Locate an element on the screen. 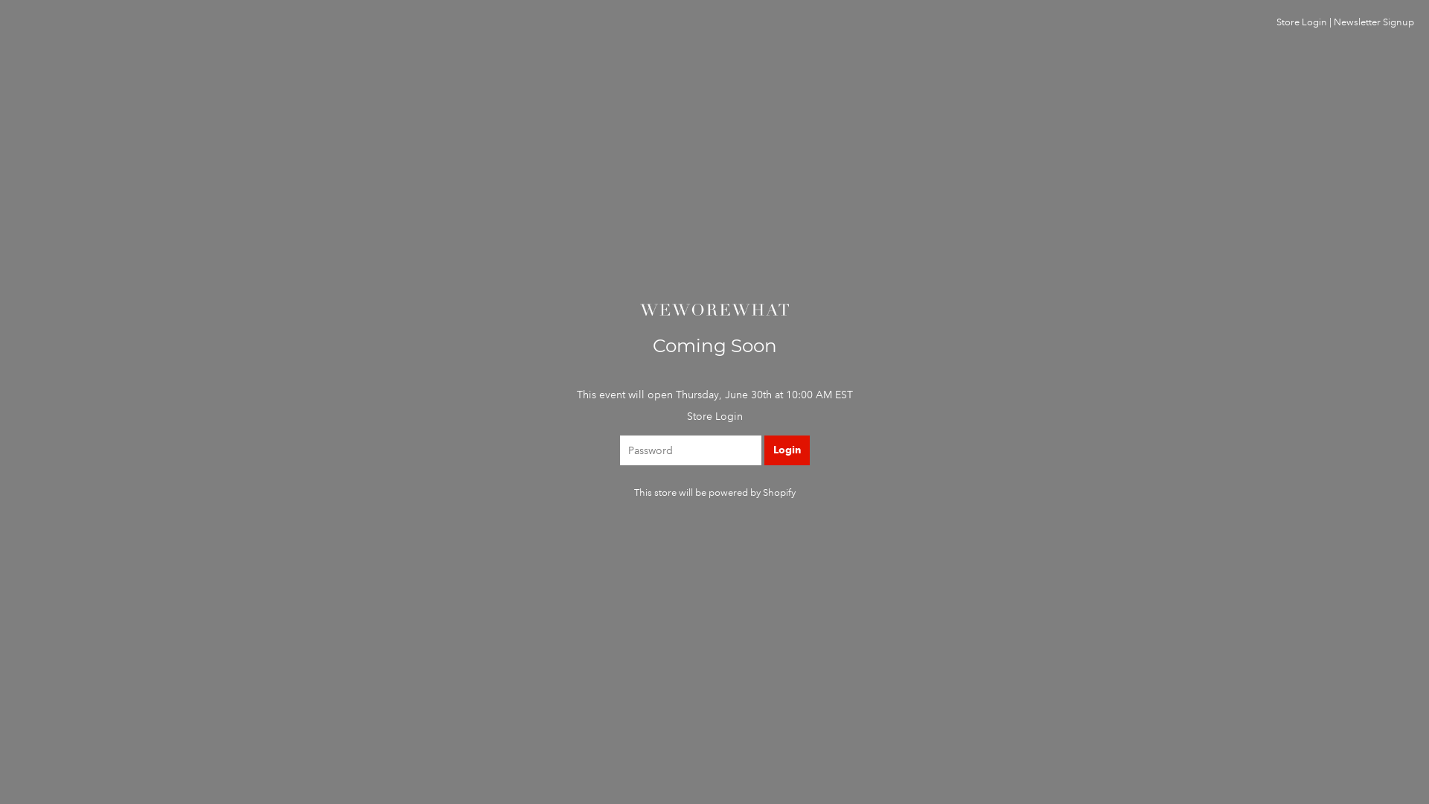 The width and height of the screenshot is (1429, 804). 'Login' is located at coordinates (785, 450).